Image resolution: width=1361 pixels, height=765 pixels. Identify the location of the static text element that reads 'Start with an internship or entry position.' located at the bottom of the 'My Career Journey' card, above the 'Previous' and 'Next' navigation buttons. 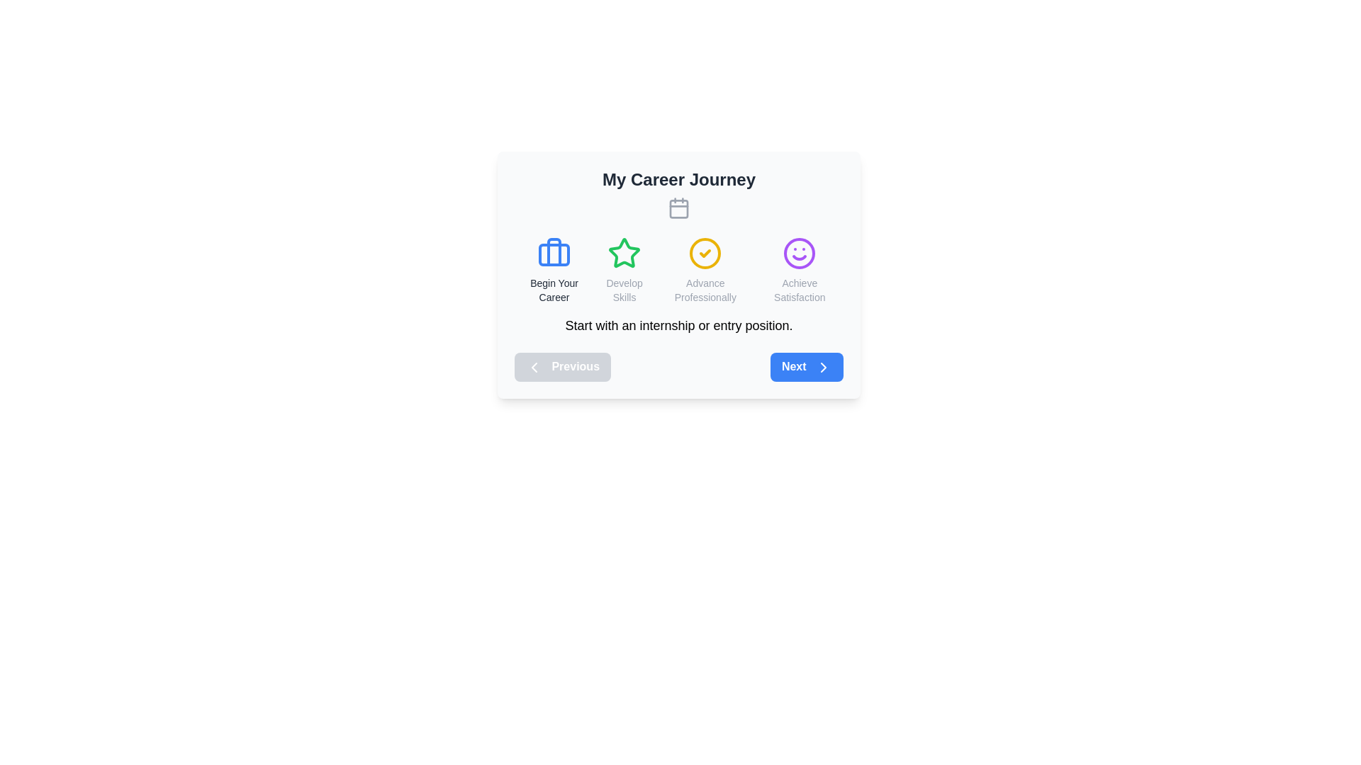
(678, 325).